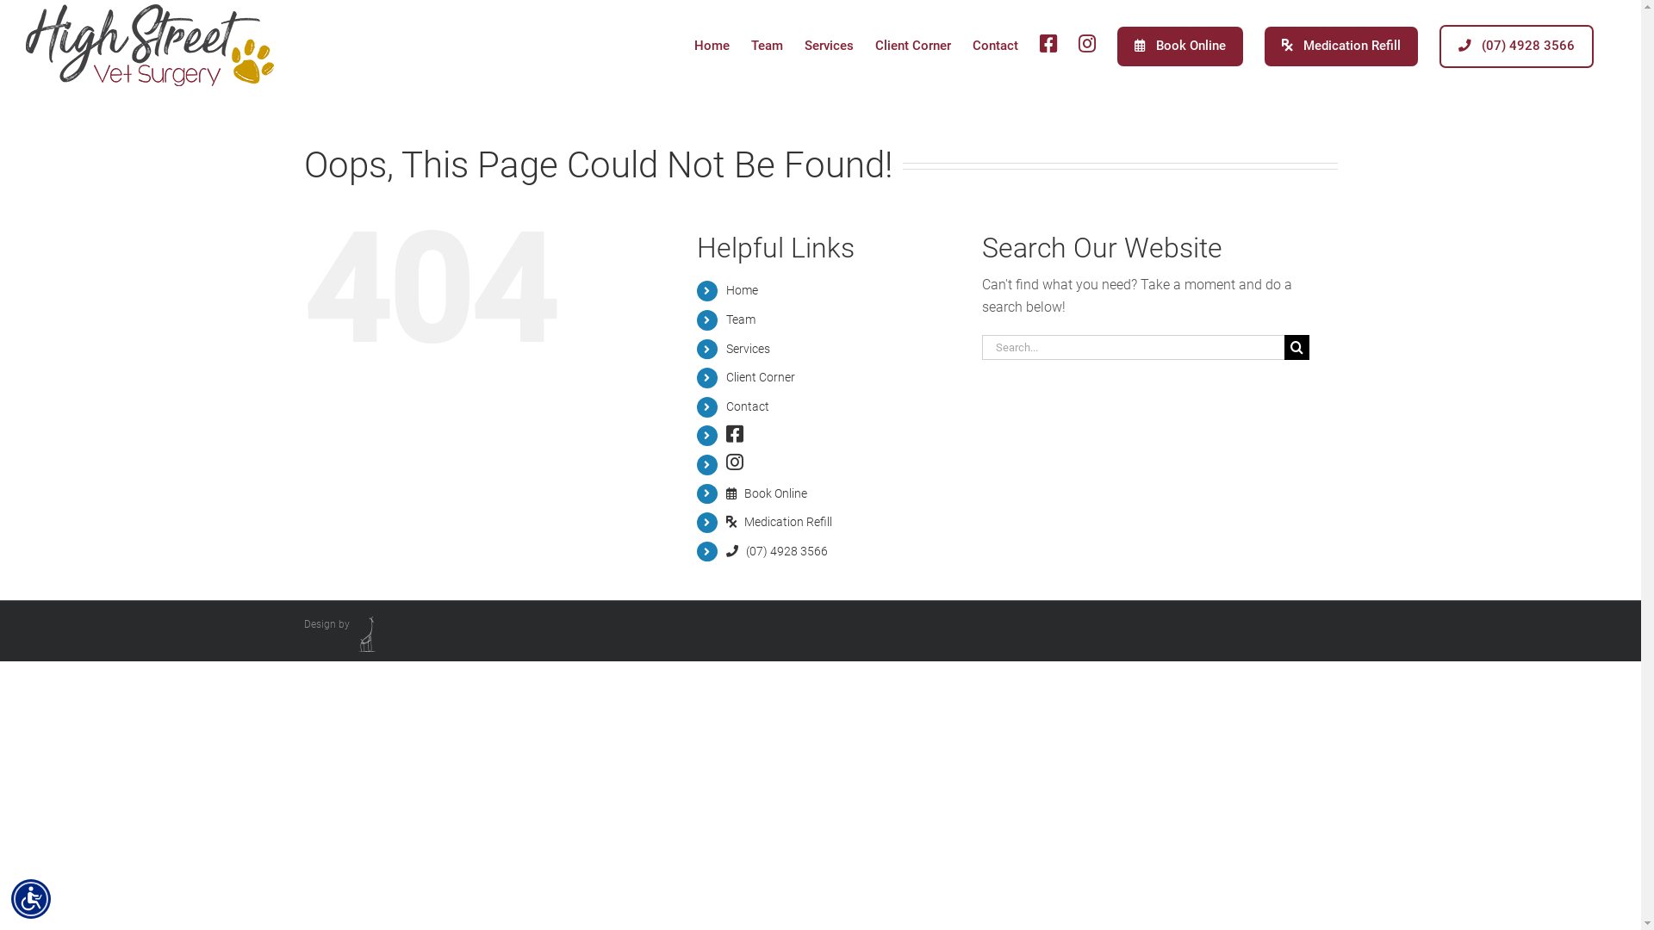 This screenshot has height=930, width=1654. I want to click on 'IG', so click(1086, 44).